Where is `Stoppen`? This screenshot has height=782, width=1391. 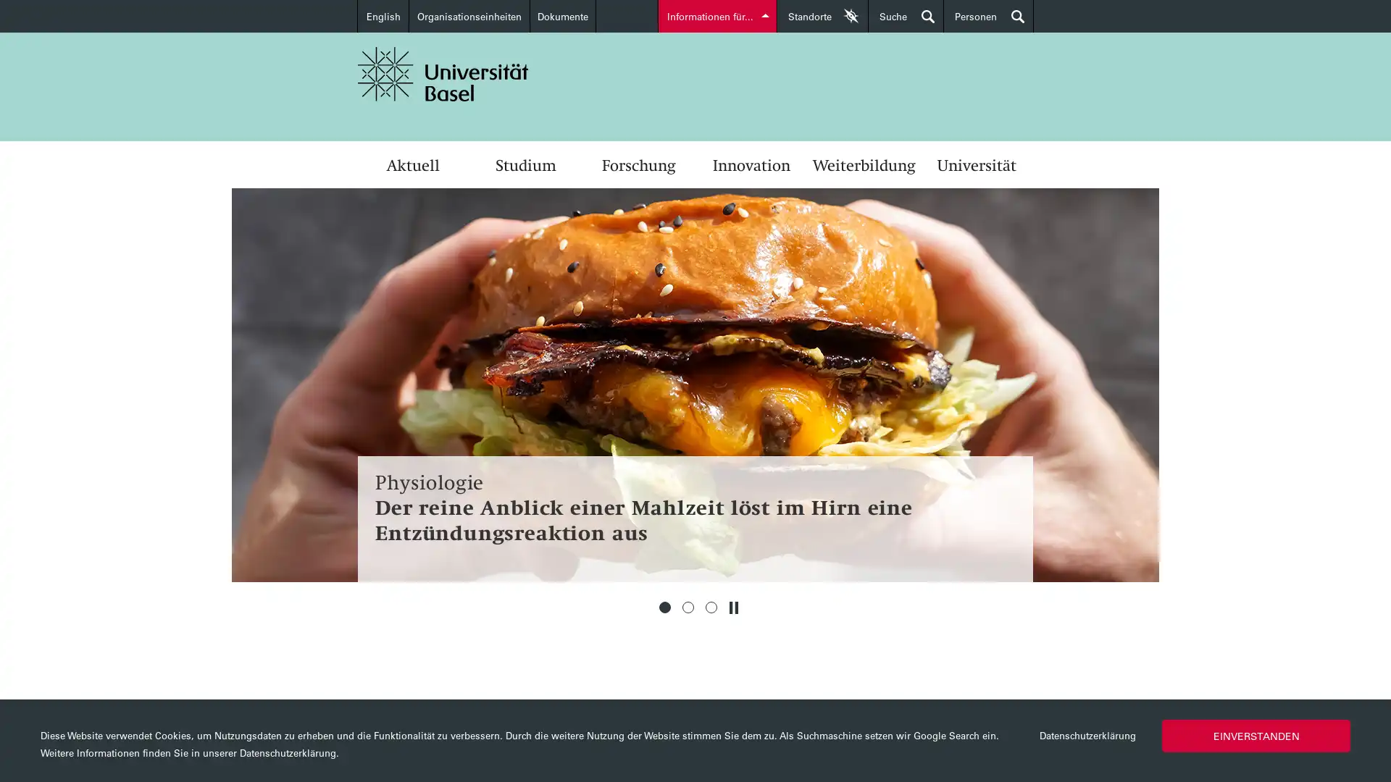 Stoppen is located at coordinates (733, 607).